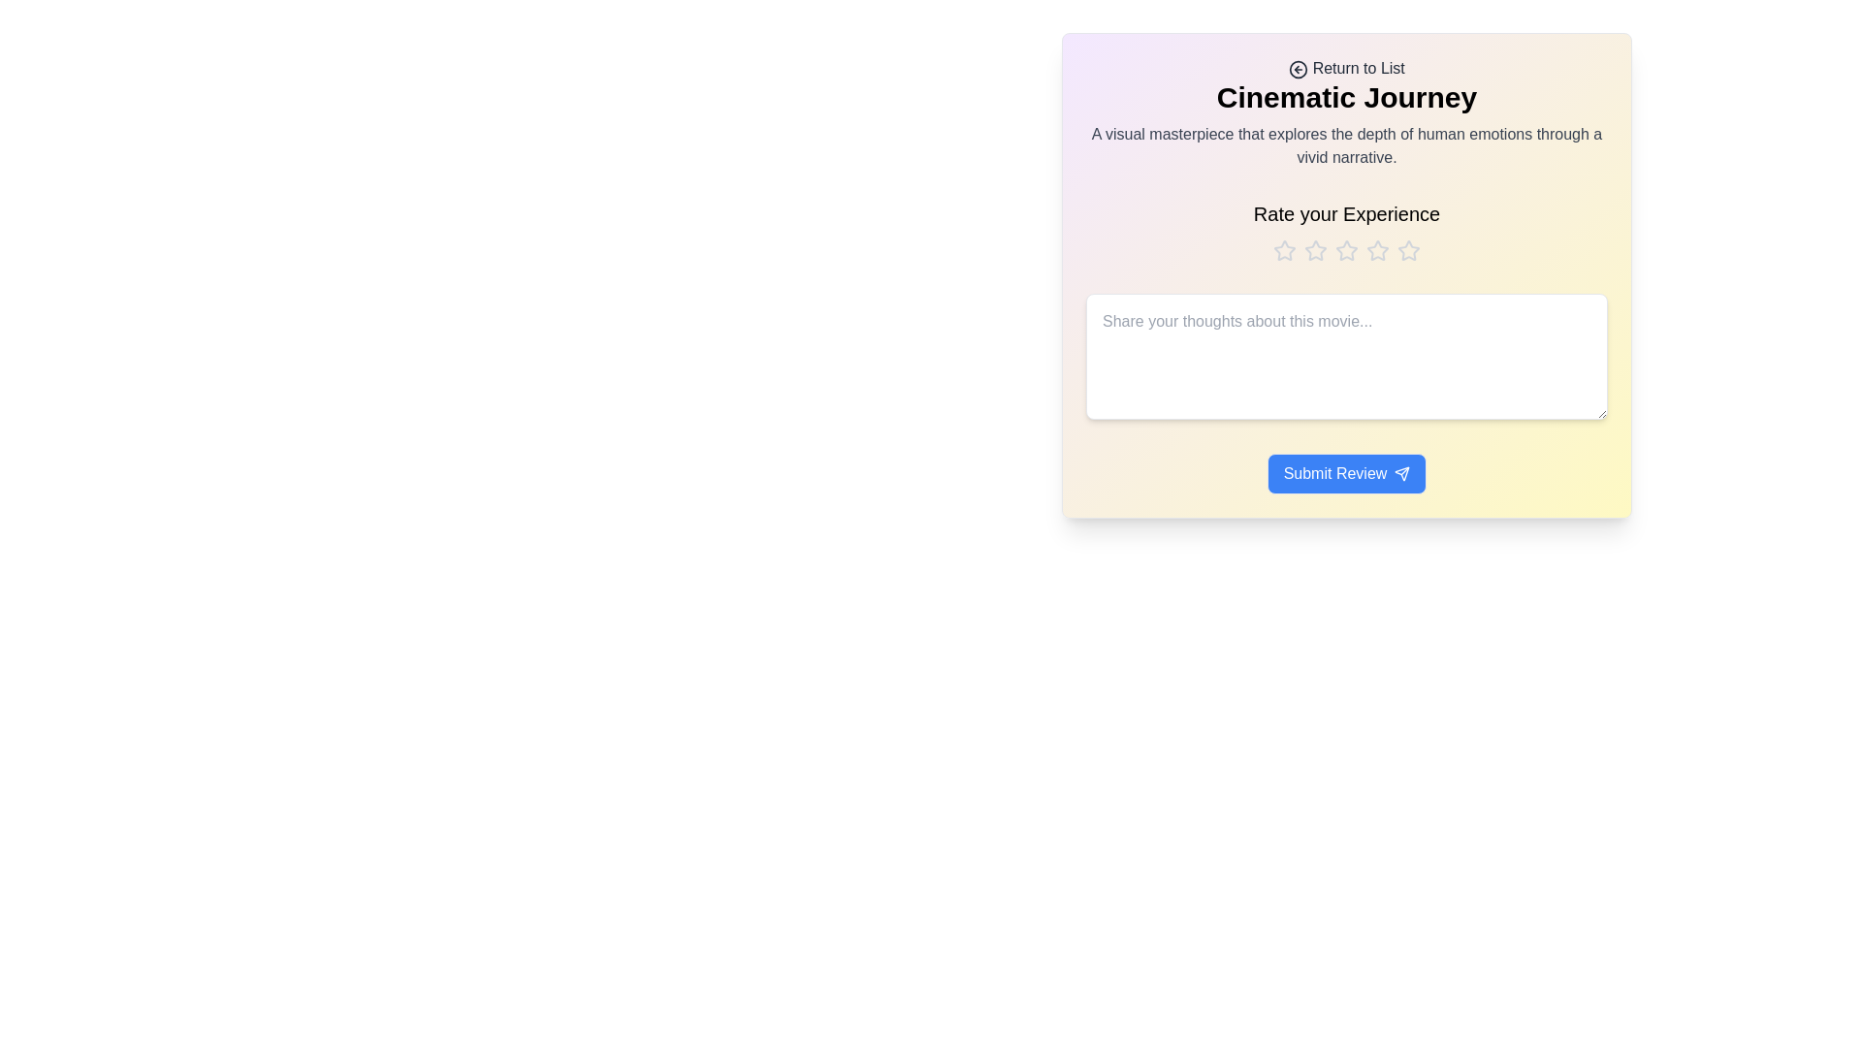 Image resolution: width=1862 pixels, height=1047 pixels. What do you see at coordinates (1345, 144) in the screenshot?
I see `the text label providing a descriptive tagline about 'Cinematic Journey', which is located beneath the heading and above the section labeled 'Rate your Experience'` at bounding box center [1345, 144].